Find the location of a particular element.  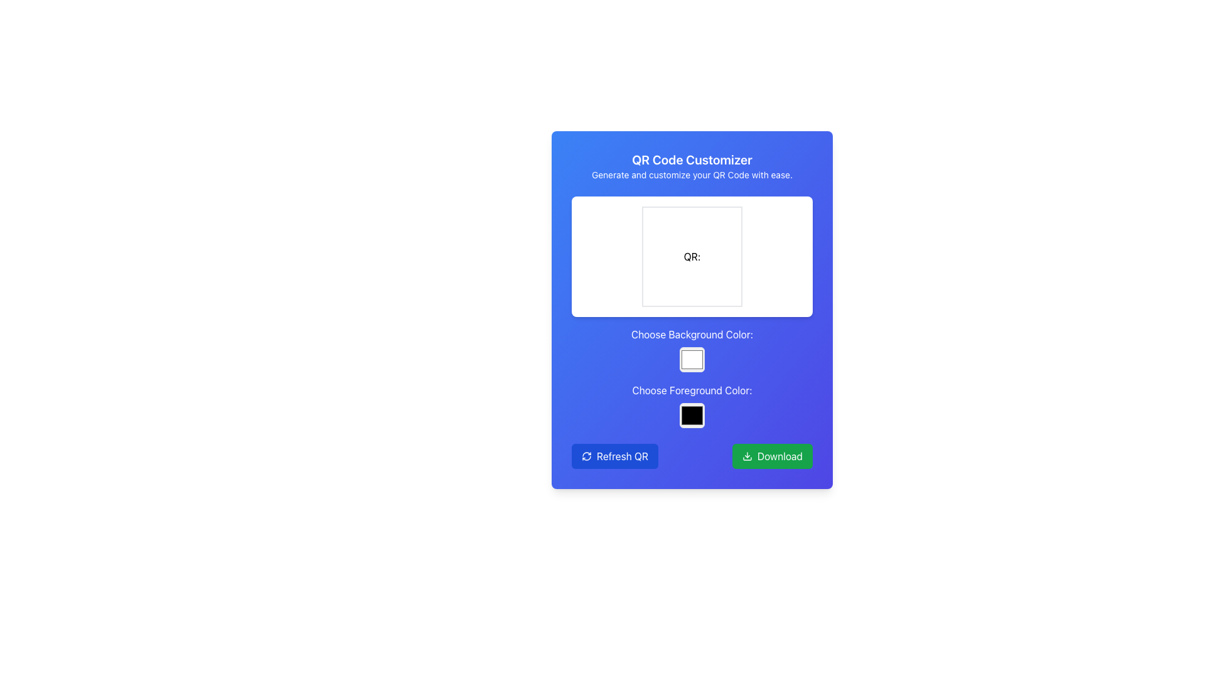

the header Text Label located at the top of the interface, centered horizontally, which presents the title of the application is located at coordinates (692, 159).